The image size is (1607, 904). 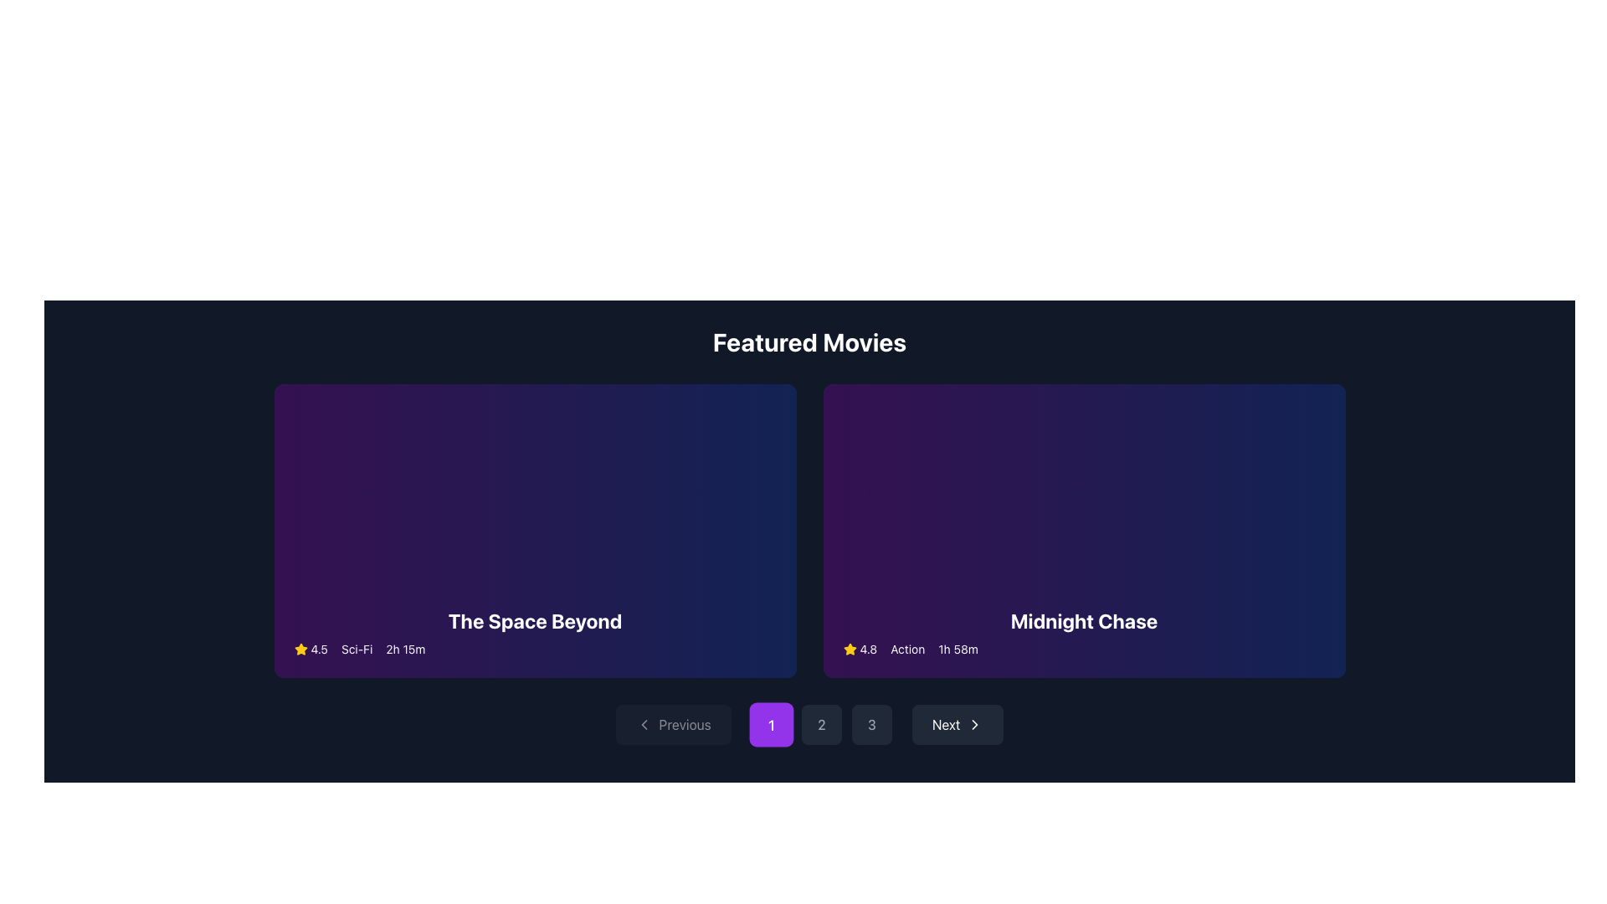 What do you see at coordinates (643, 724) in the screenshot?
I see `the leftward pointing chevron icon styled with a thin stroke and rounded edges, located inside the 'Previous' button at the bottom center of the interface` at bounding box center [643, 724].